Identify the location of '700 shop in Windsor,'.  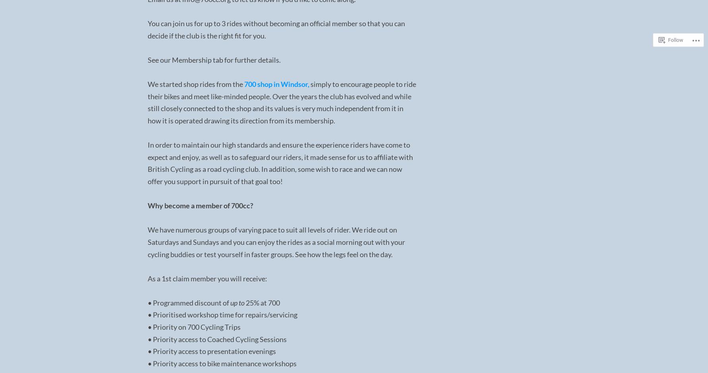
(276, 83).